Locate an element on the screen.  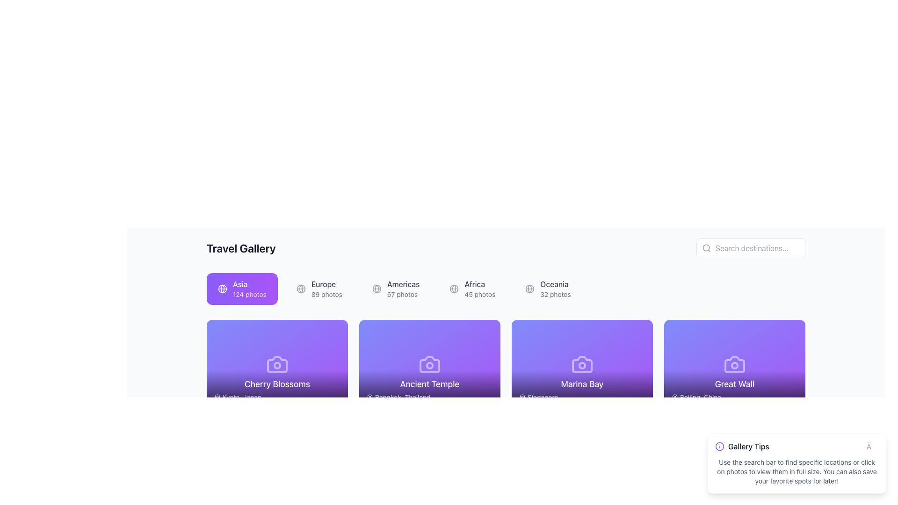
text of the label displaying 'Africa', which is the fourth item in a horizontal list of continent labels at the top of the interface is located at coordinates (480, 284).